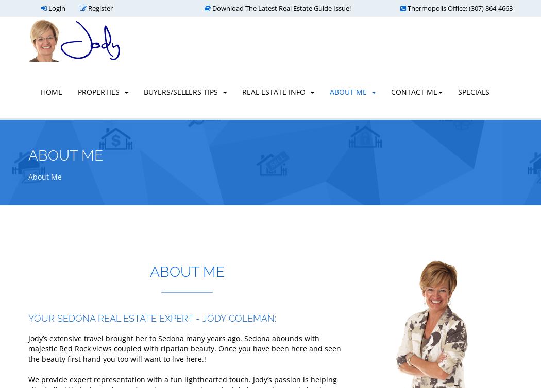 The image size is (541, 388). What do you see at coordinates (474, 92) in the screenshot?
I see `'Specials'` at bounding box center [474, 92].